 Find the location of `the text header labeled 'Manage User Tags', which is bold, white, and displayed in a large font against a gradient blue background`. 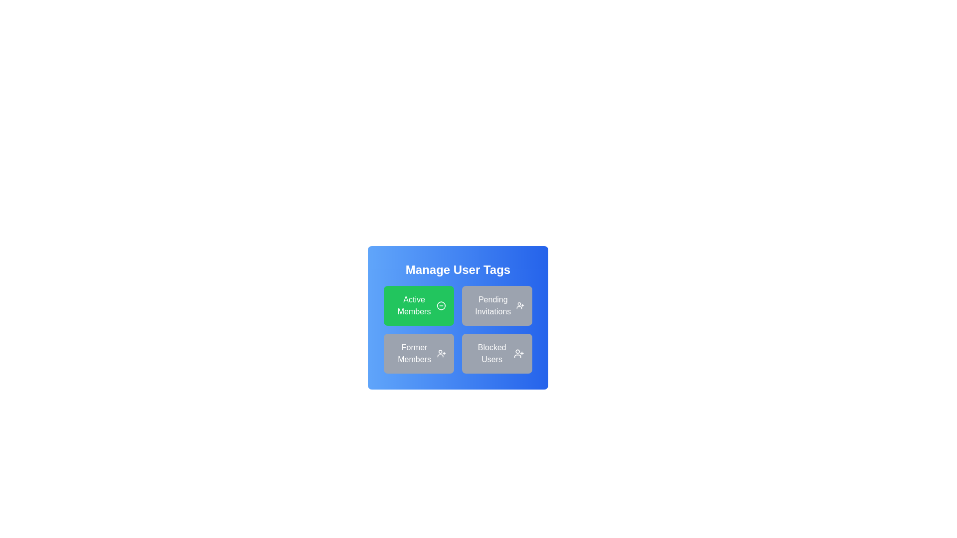

the text header labeled 'Manage User Tags', which is bold, white, and displayed in a large font against a gradient blue background is located at coordinates (457, 270).